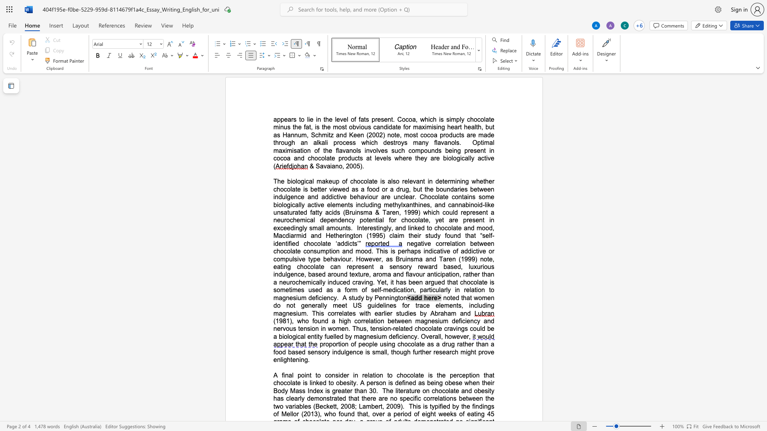 The width and height of the screenshot is (767, 431). I want to click on the space between the continuous character "e" and "r" in the text, so click(431, 298).